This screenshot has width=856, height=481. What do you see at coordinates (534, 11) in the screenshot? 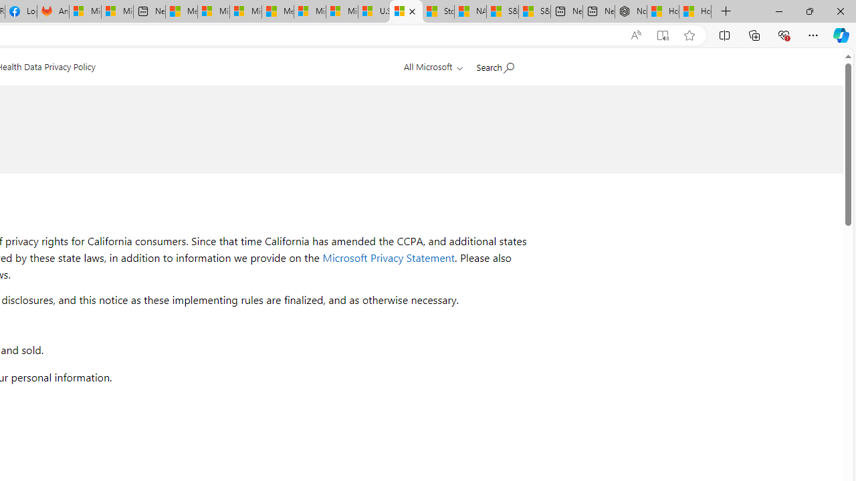
I see `'S&P 500, Nasdaq end lower, weighed by Nvidia dip | Watch'` at bounding box center [534, 11].